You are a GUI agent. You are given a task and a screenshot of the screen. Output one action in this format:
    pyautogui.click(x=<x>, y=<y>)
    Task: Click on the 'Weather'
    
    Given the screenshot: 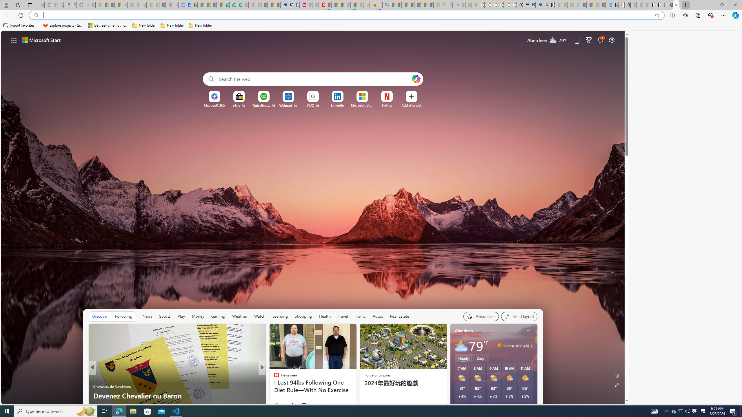 What is the action you would take?
    pyautogui.click(x=239, y=316)
    